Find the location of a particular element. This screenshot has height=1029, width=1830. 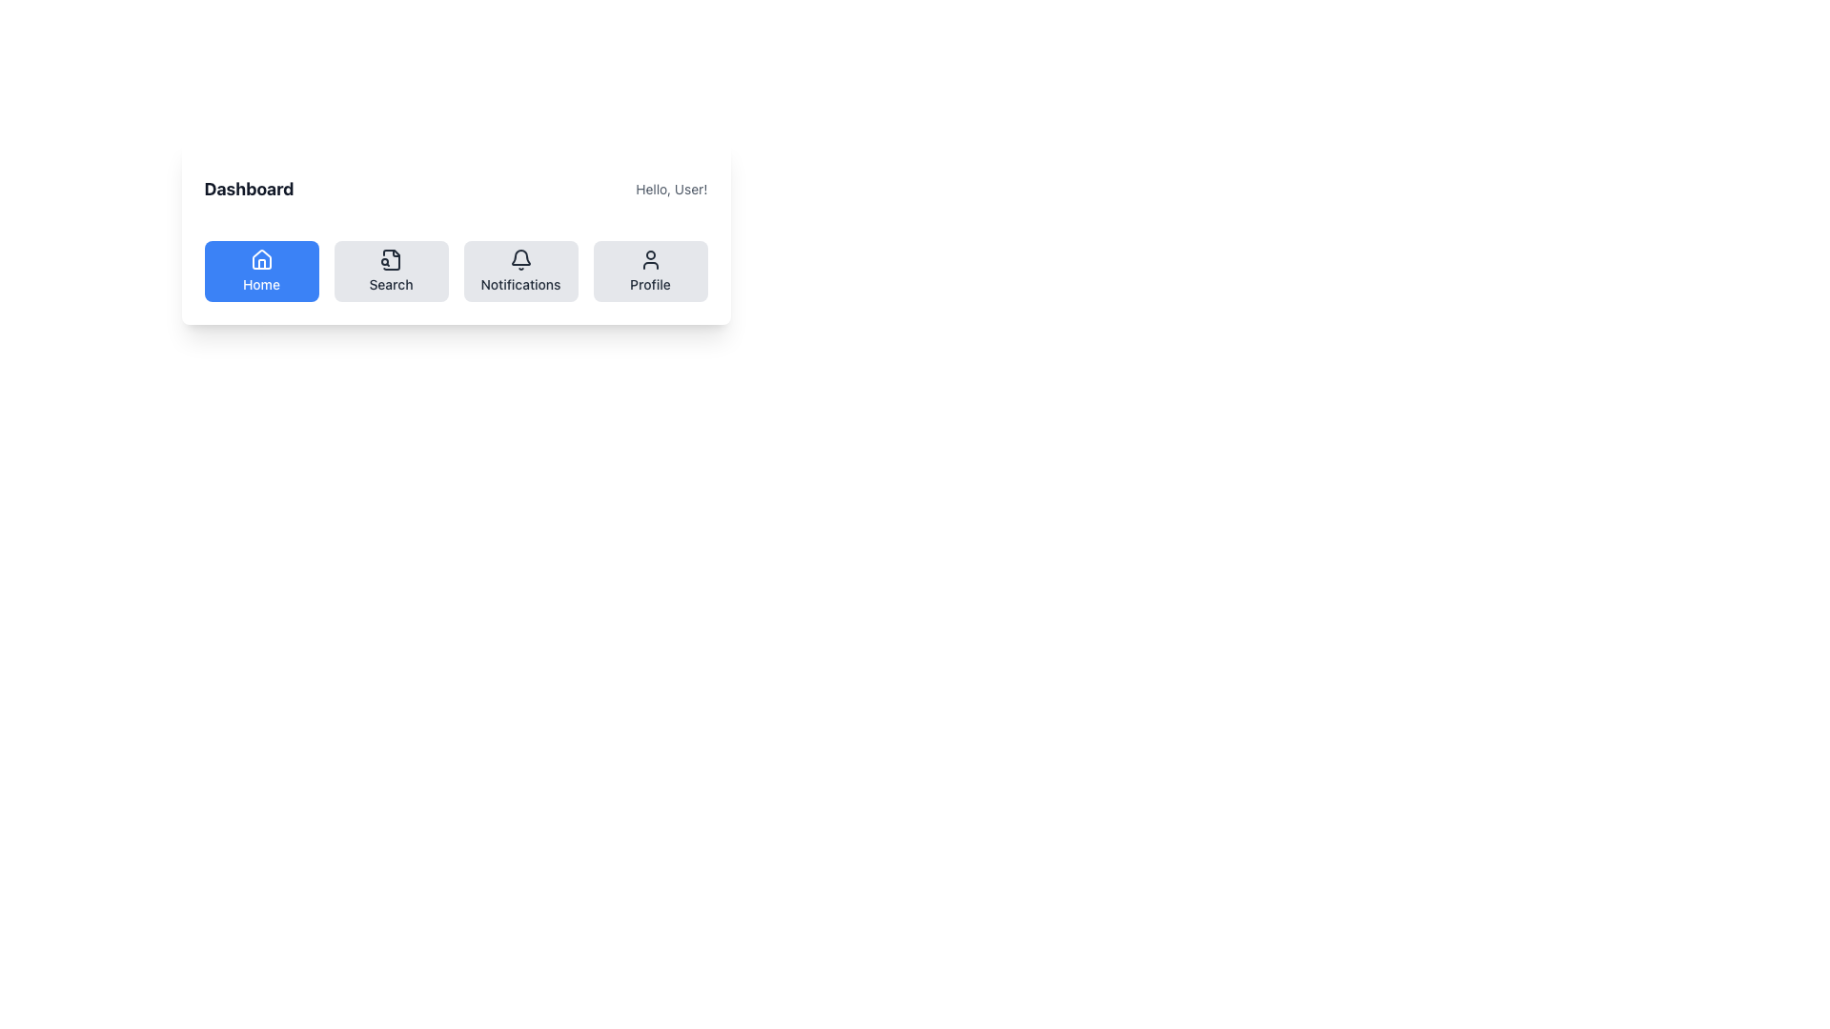

the notification icon located within the 'Notifications' button in the navigation bar is located at coordinates (520, 260).